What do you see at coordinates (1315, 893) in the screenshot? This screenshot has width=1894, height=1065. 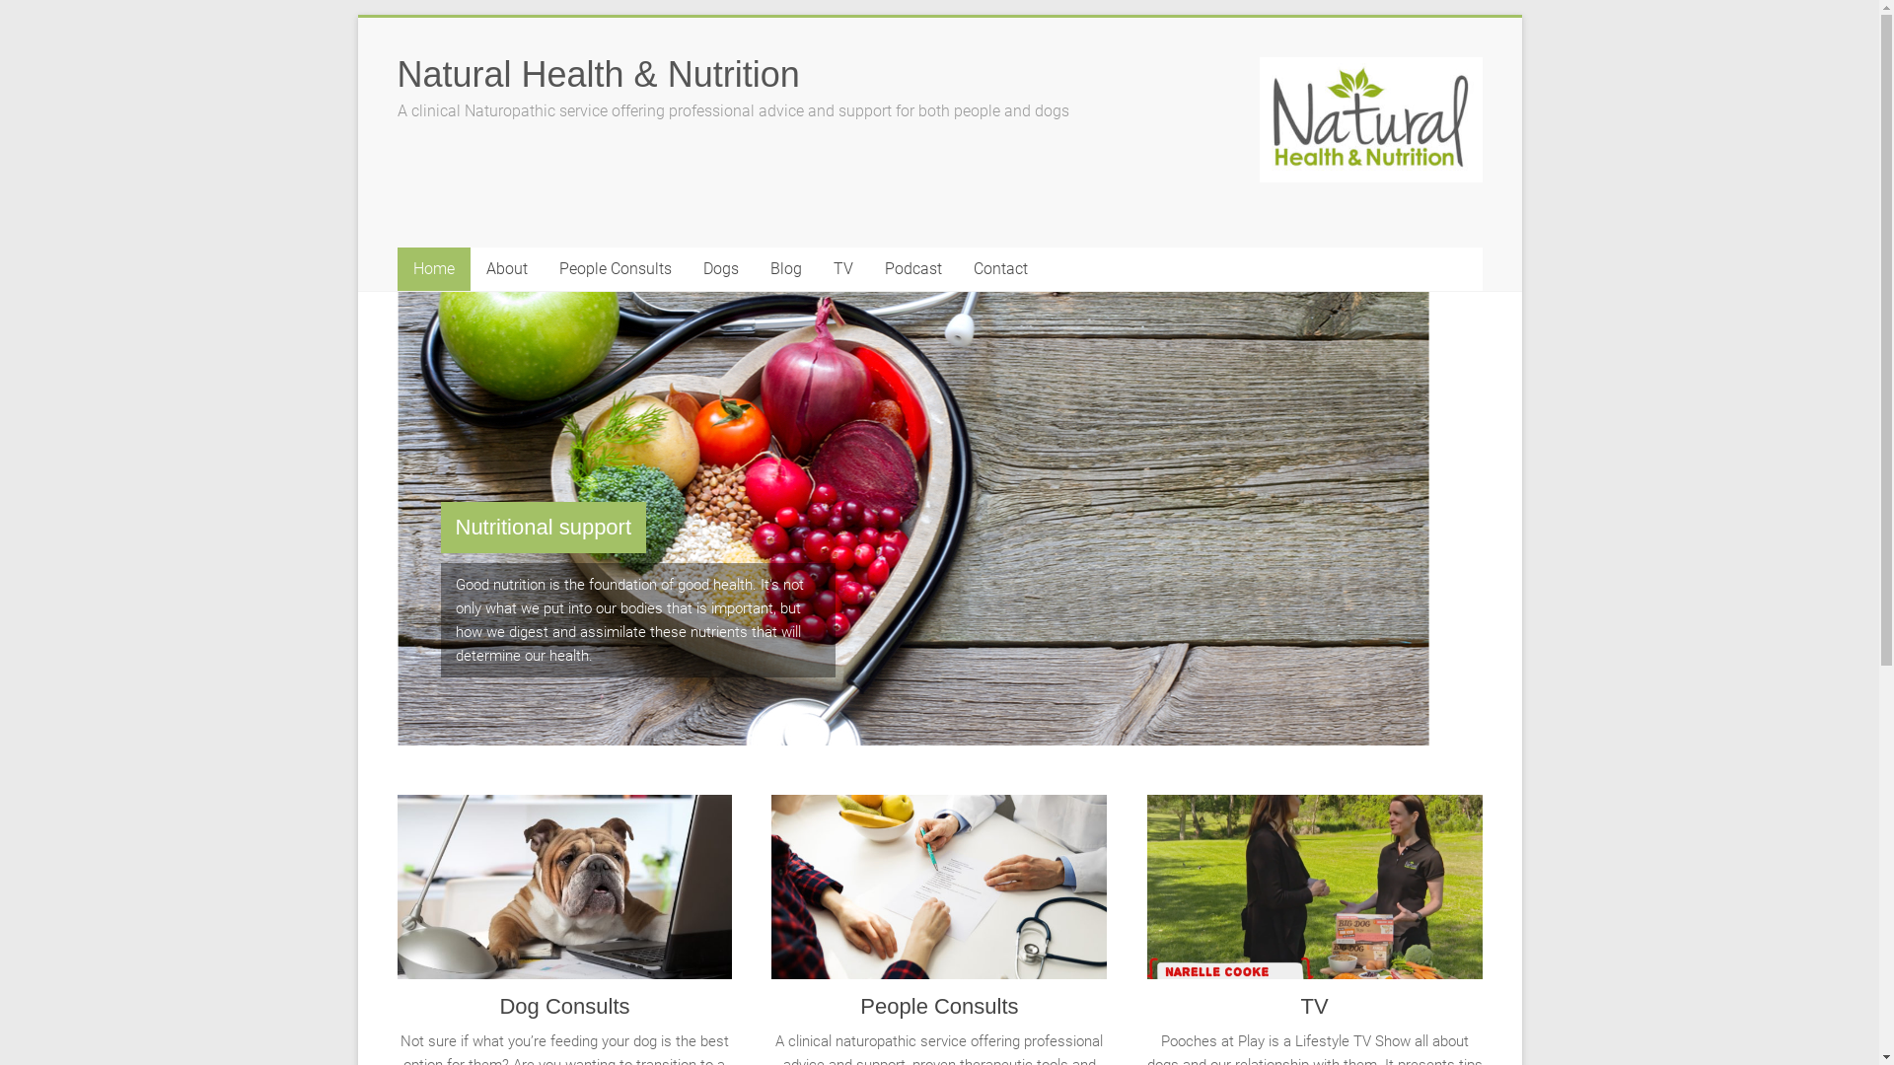 I see `'TV'` at bounding box center [1315, 893].